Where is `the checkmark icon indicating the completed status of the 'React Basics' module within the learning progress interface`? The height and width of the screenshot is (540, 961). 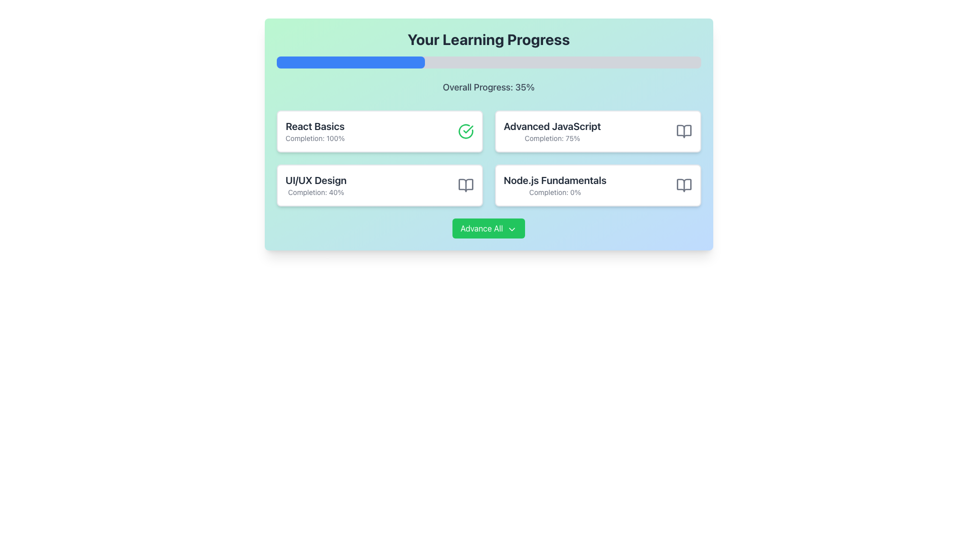 the checkmark icon indicating the completed status of the 'React Basics' module within the learning progress interface is located at coordinates (467, 128).